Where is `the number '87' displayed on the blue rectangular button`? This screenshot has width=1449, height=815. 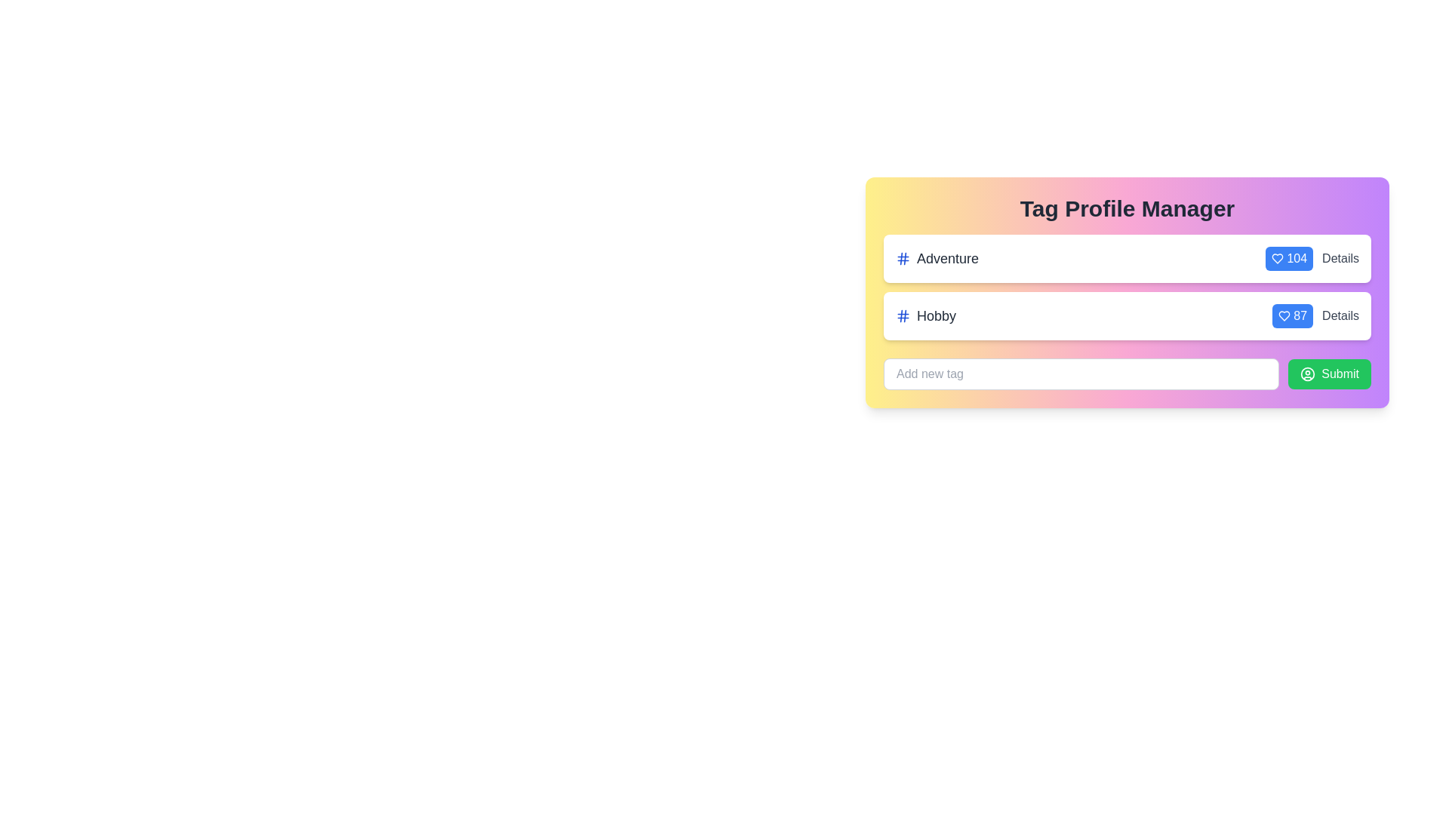
the number '87' displayed on the blue rectangular button is located at coordinates (1315, 315).